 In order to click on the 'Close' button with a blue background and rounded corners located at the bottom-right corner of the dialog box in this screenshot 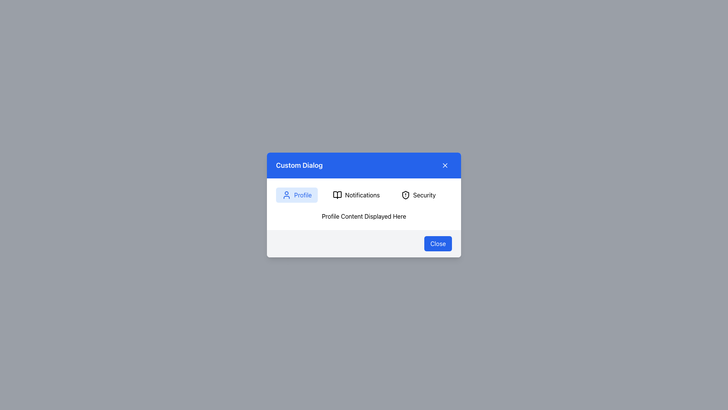, I will do `click(438, 243)`.